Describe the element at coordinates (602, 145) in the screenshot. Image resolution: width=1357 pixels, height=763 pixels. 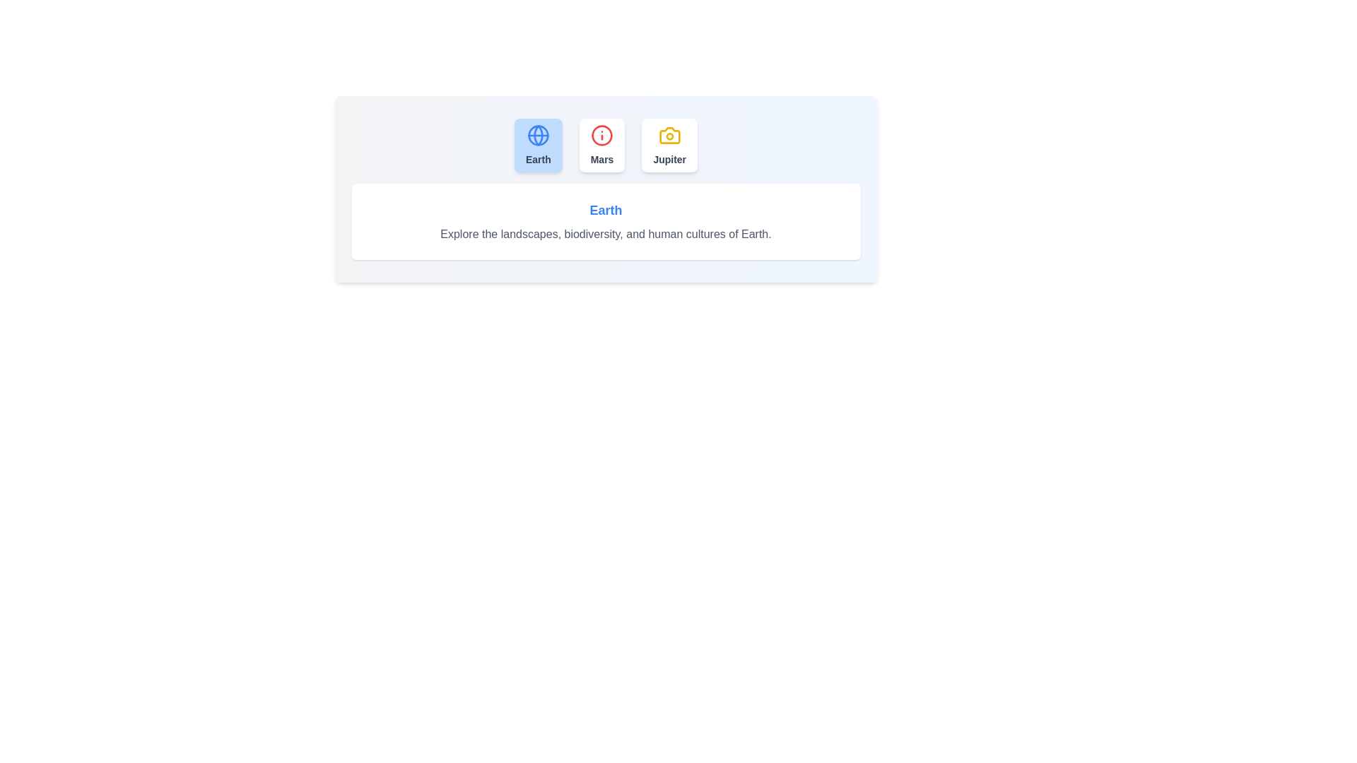
I see `the button for the planet Mars` at that location.